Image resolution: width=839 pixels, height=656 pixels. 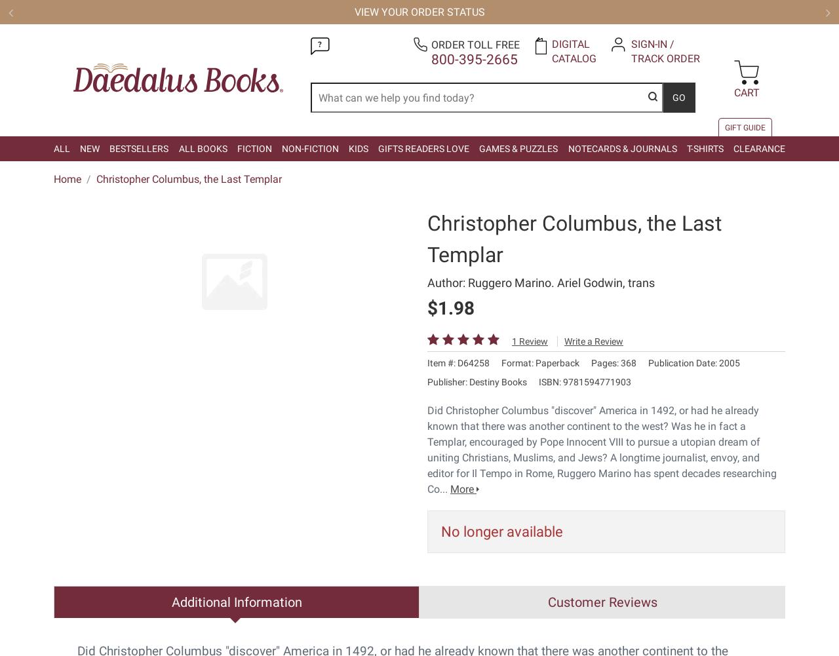 I want to click on 'Customer Service', so click(x=245, y=188).